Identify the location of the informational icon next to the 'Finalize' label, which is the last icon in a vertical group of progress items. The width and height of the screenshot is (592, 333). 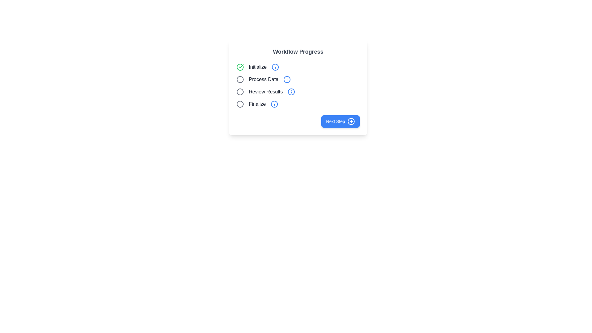
(274, 104).